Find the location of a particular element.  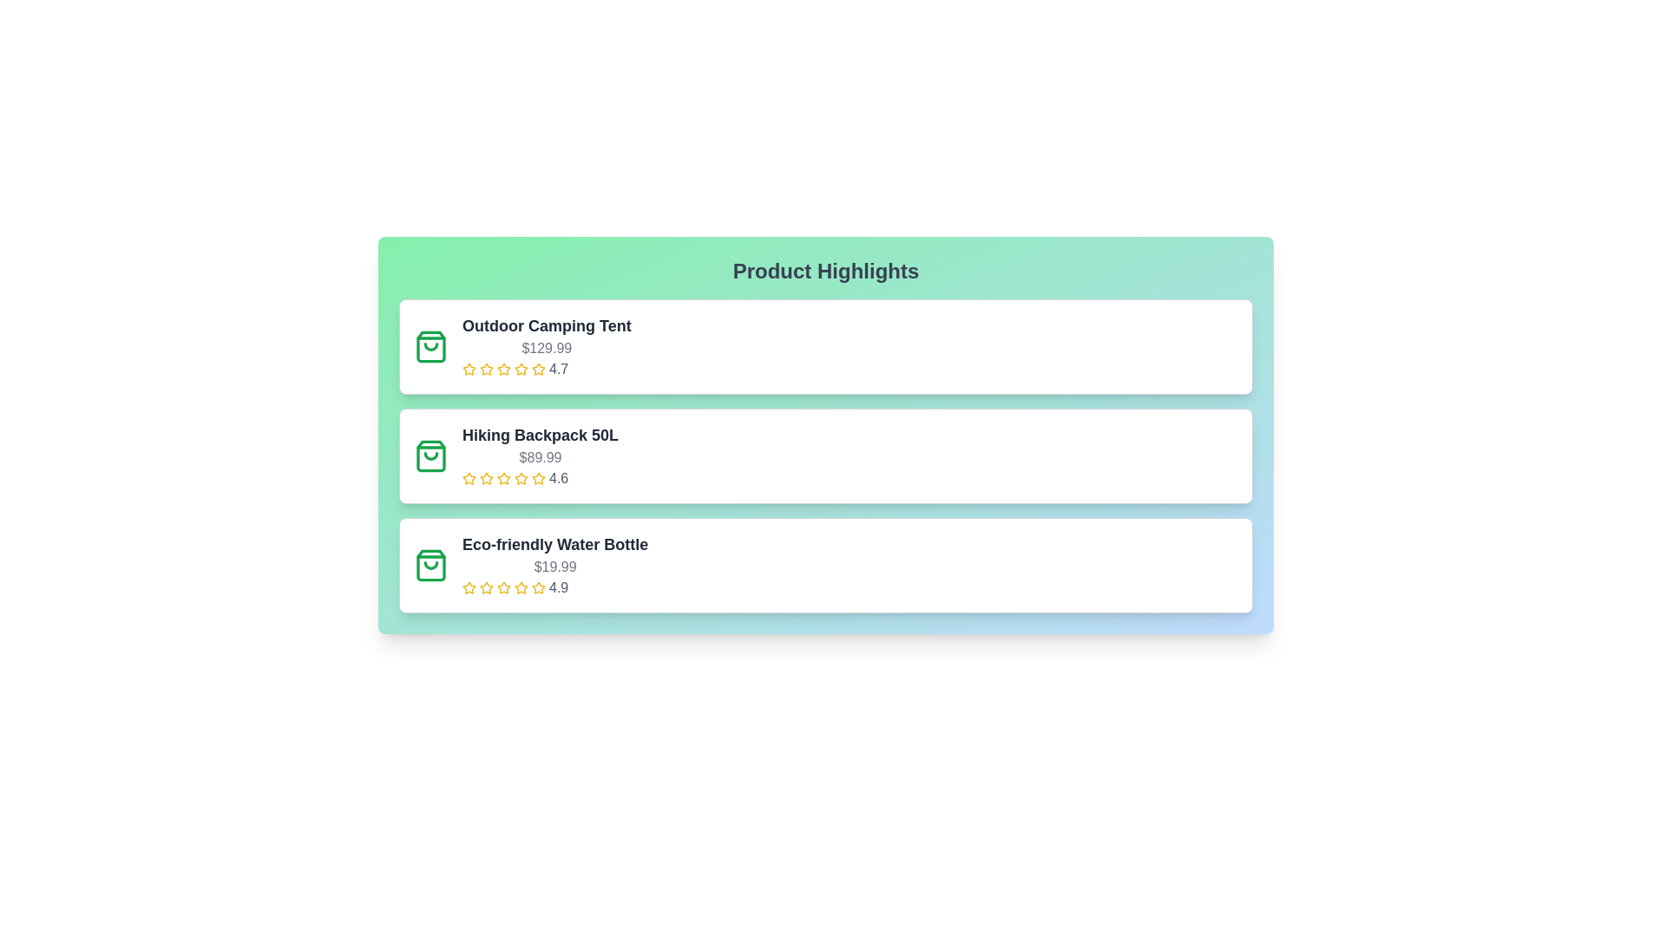

the rating of the product to 2 stars by clicking on the corresponding star is located at coordinates (486, 368).